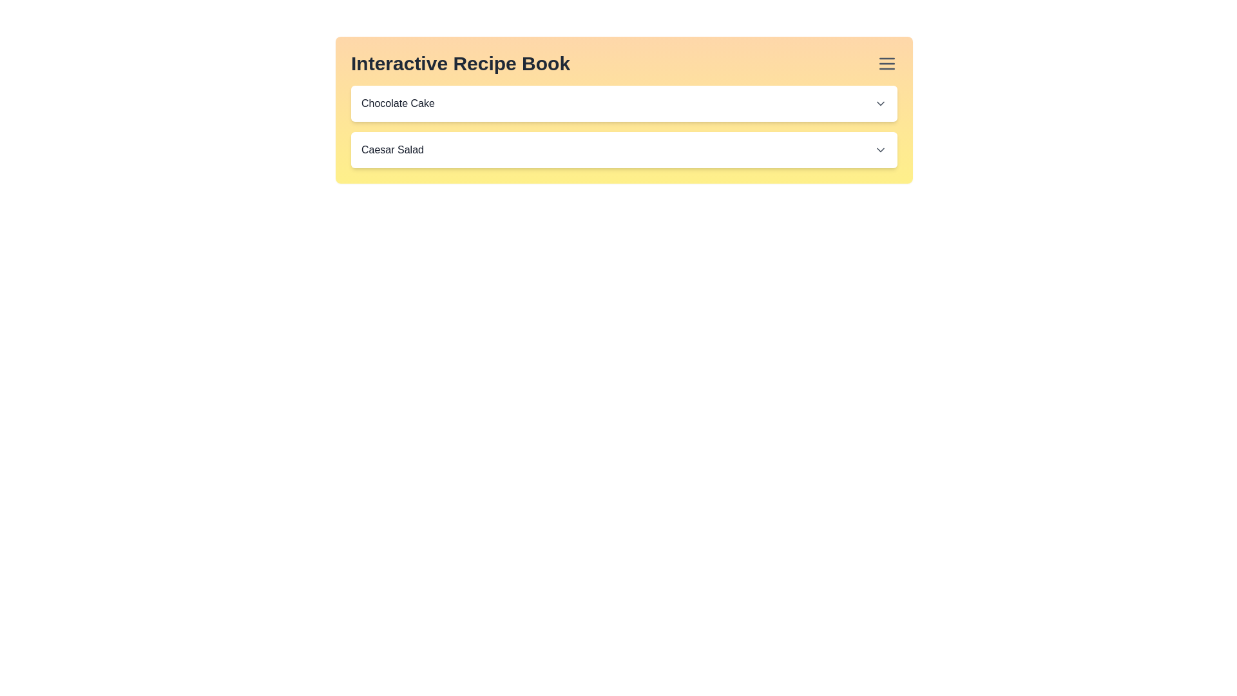  I want to click on the dropdown indicator icon for the 'Caesar Salad' item, so click(880, 149).